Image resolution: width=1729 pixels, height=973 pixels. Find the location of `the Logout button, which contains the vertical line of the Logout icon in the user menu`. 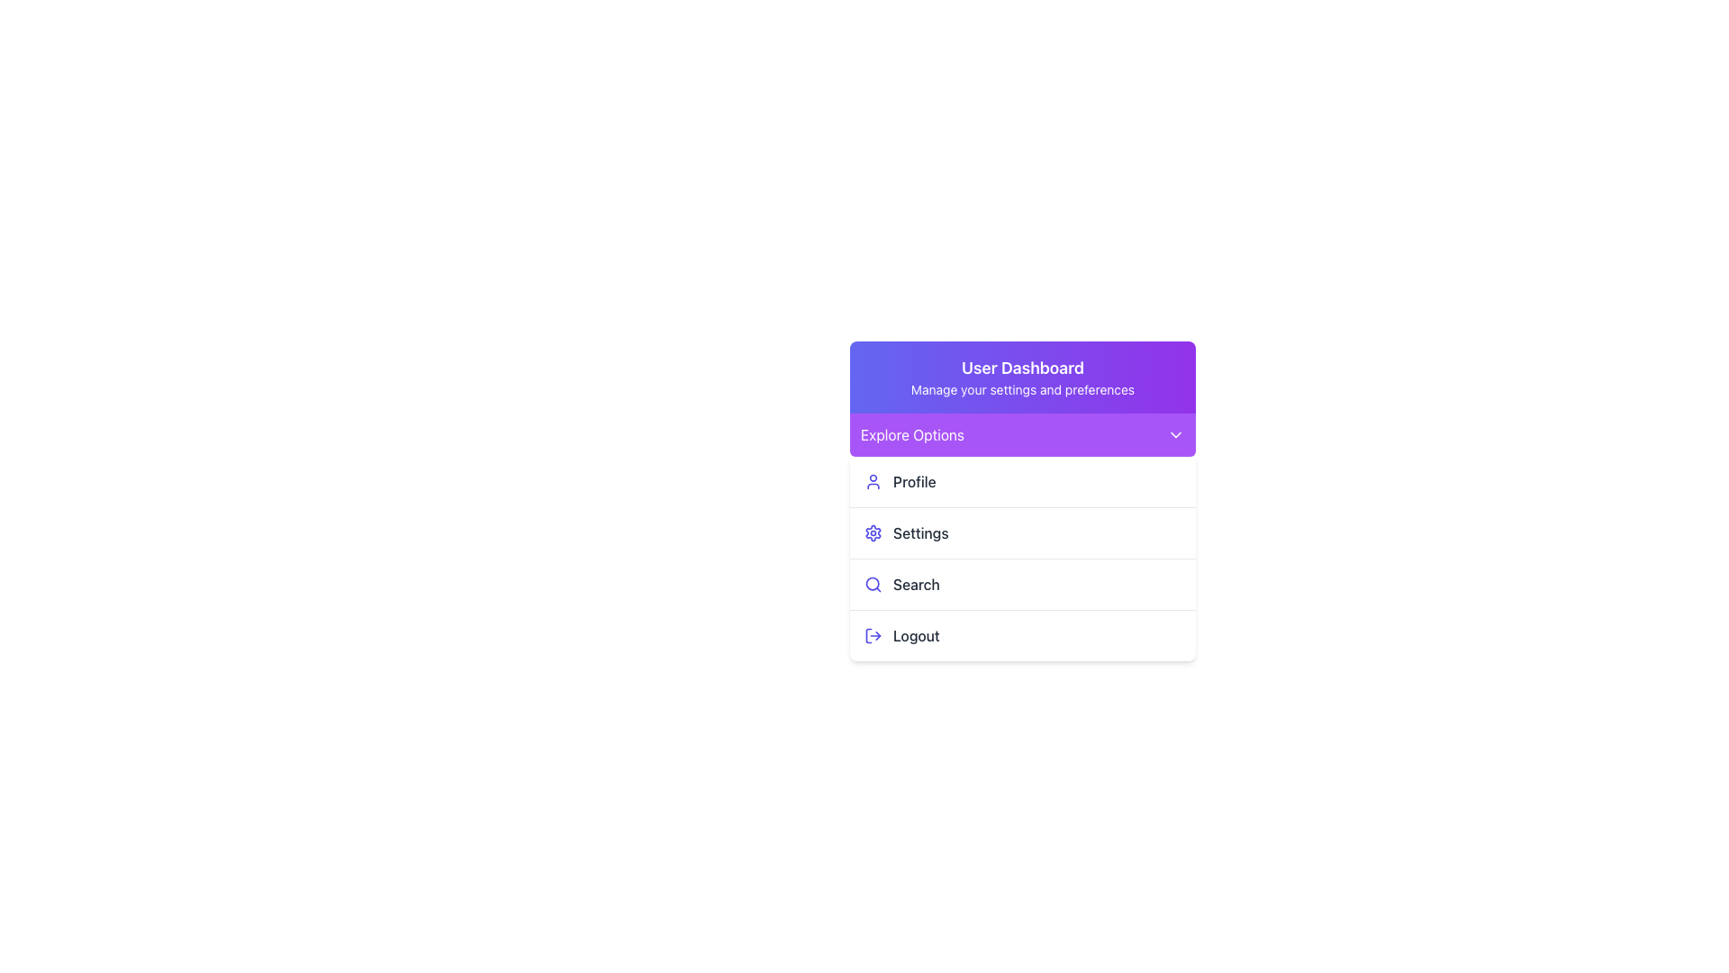

the Logout button, which contains the vertical line of the Logout icon in the user menu is located at coordinates (868, 634).